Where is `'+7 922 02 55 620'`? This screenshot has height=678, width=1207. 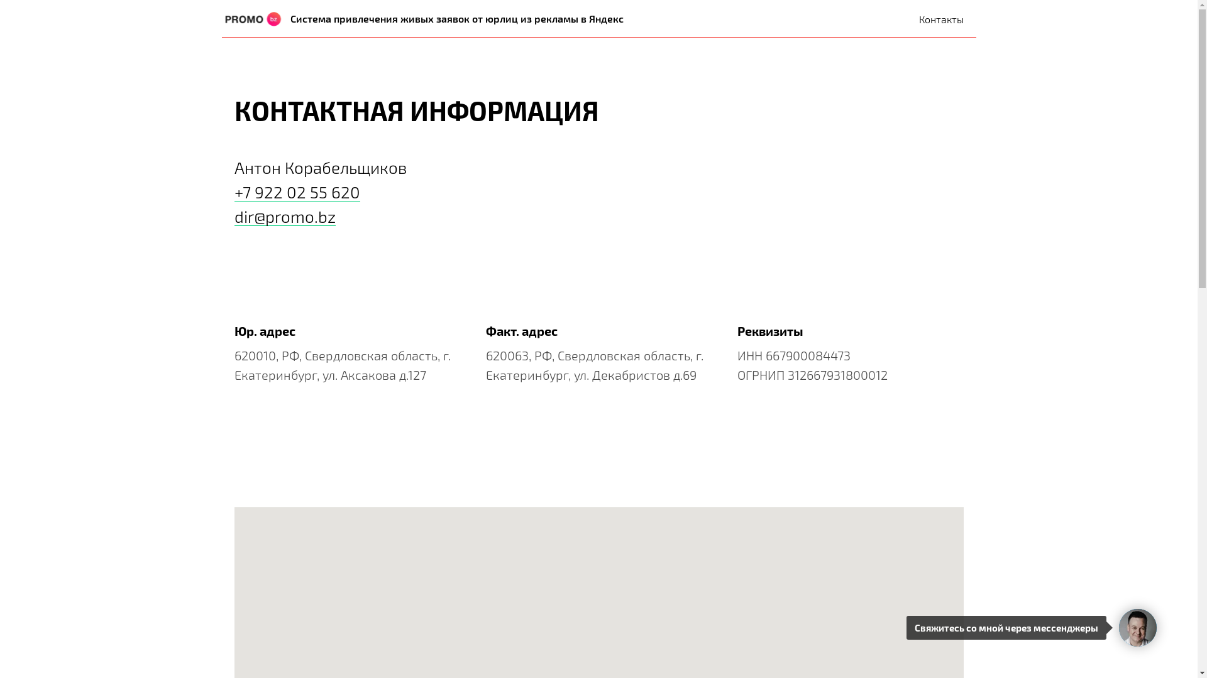
'+7 922 02 55 620' is located at coordinates (295, 191).